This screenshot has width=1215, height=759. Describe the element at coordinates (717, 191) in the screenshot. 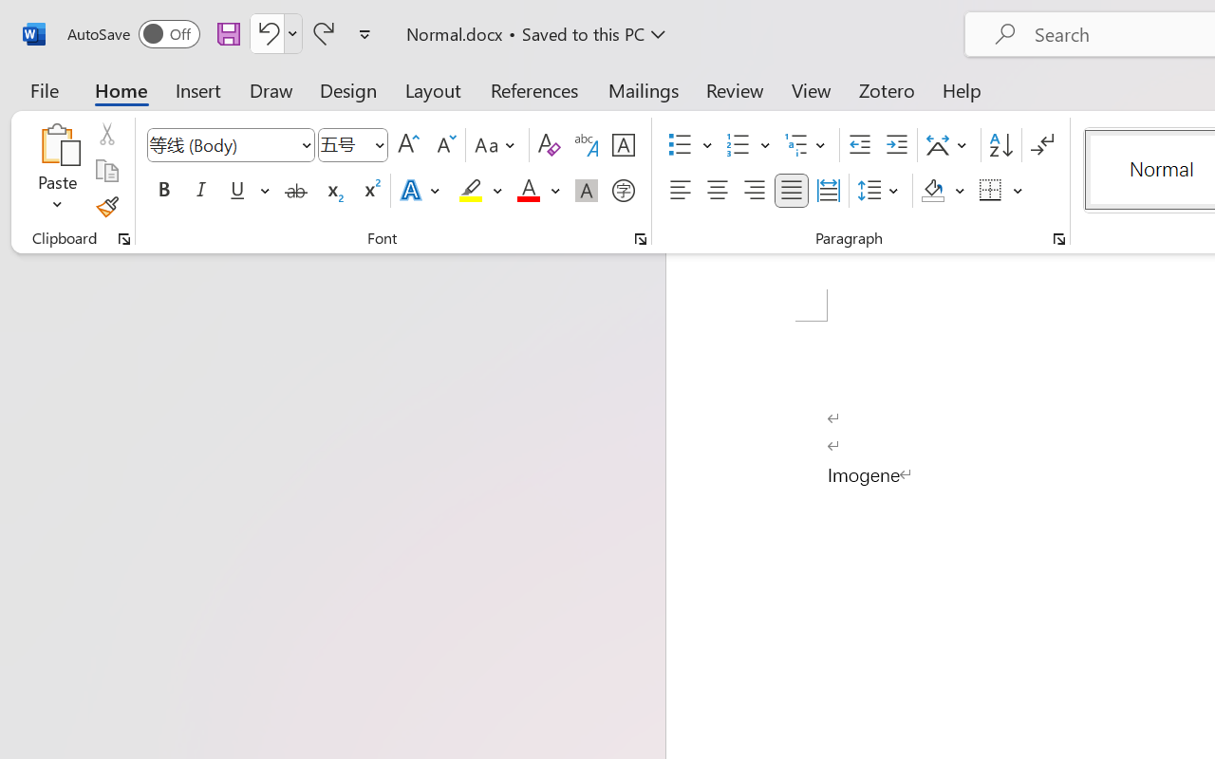

I see `'Center'` at that location.